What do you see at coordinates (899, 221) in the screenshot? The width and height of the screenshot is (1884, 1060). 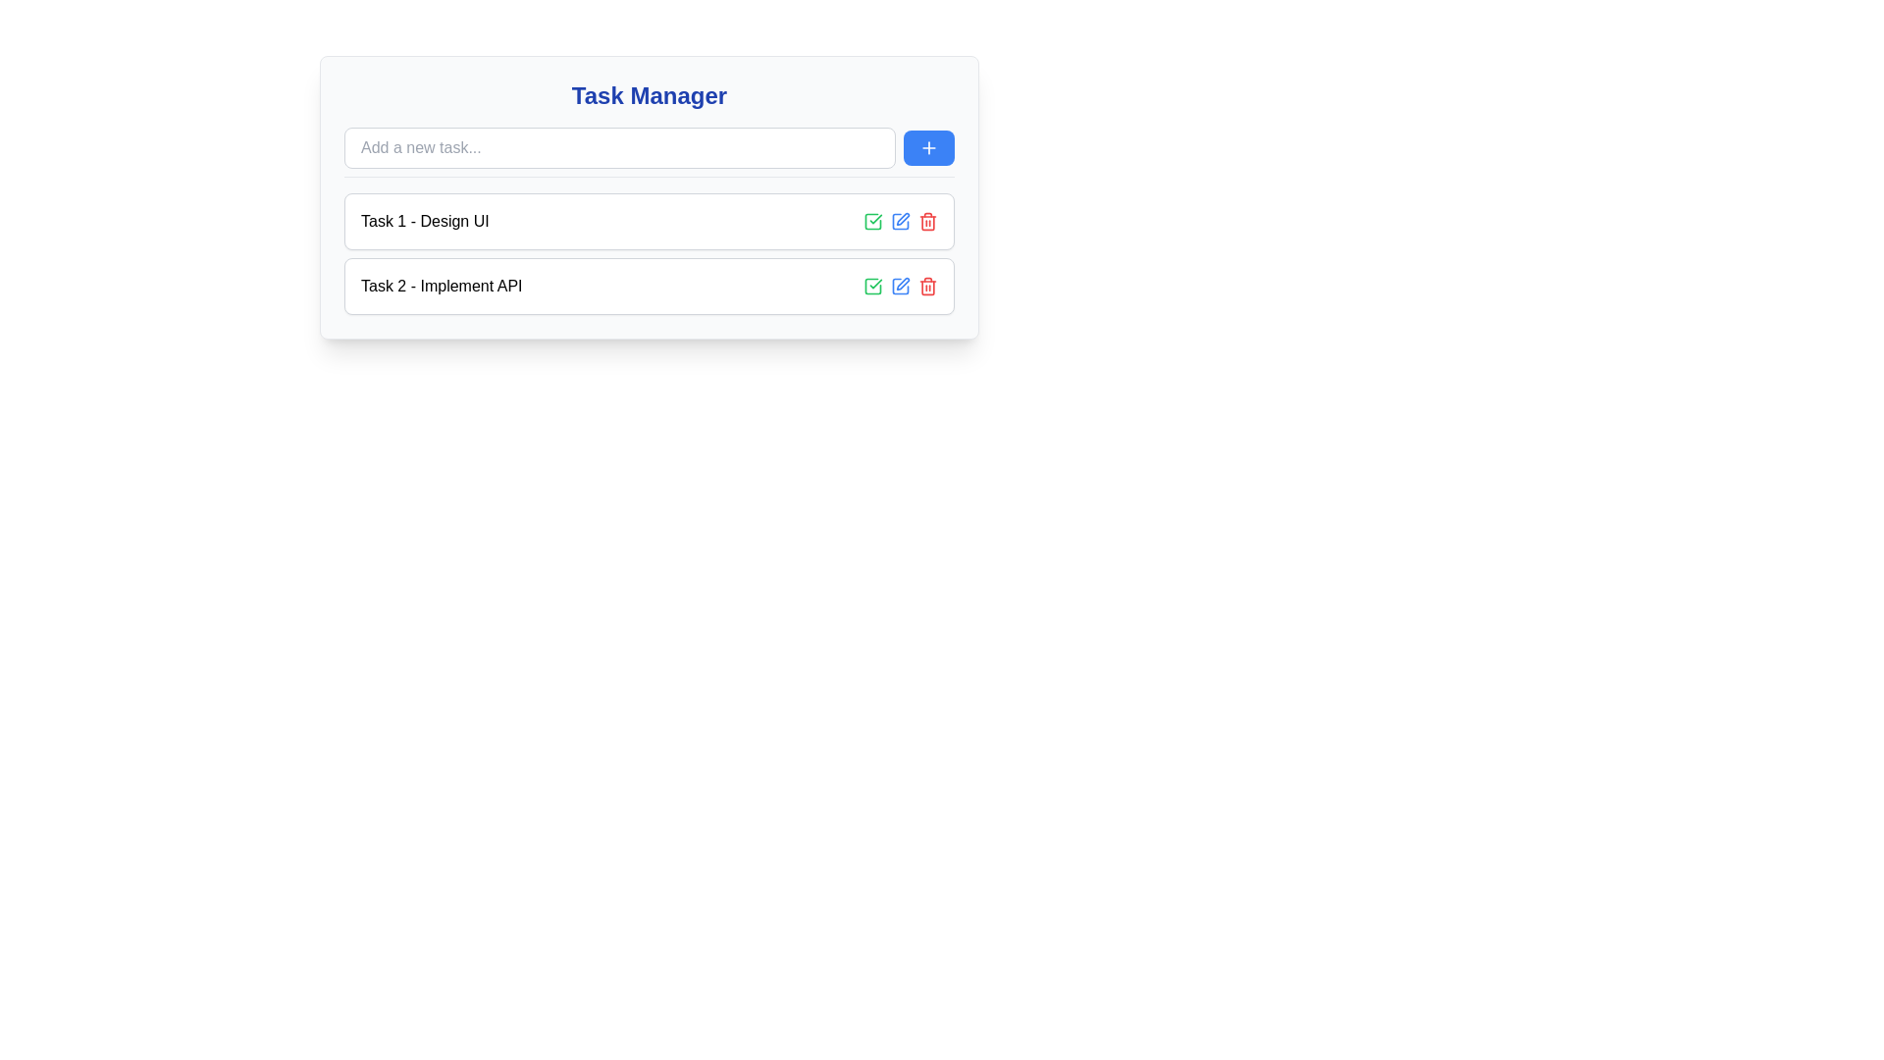 I see `the edit button` at bounding box center [899, 221].